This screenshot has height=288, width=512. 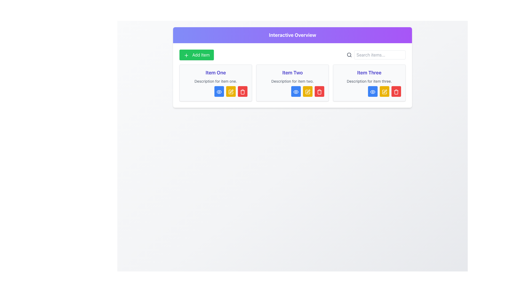 What do you see at coordinates (319, 91) in the screenshot?
I see `the small red button with a trash icon located as the fourth button in the row of actions below 'Item Two'` at bounding box center [319, 91].